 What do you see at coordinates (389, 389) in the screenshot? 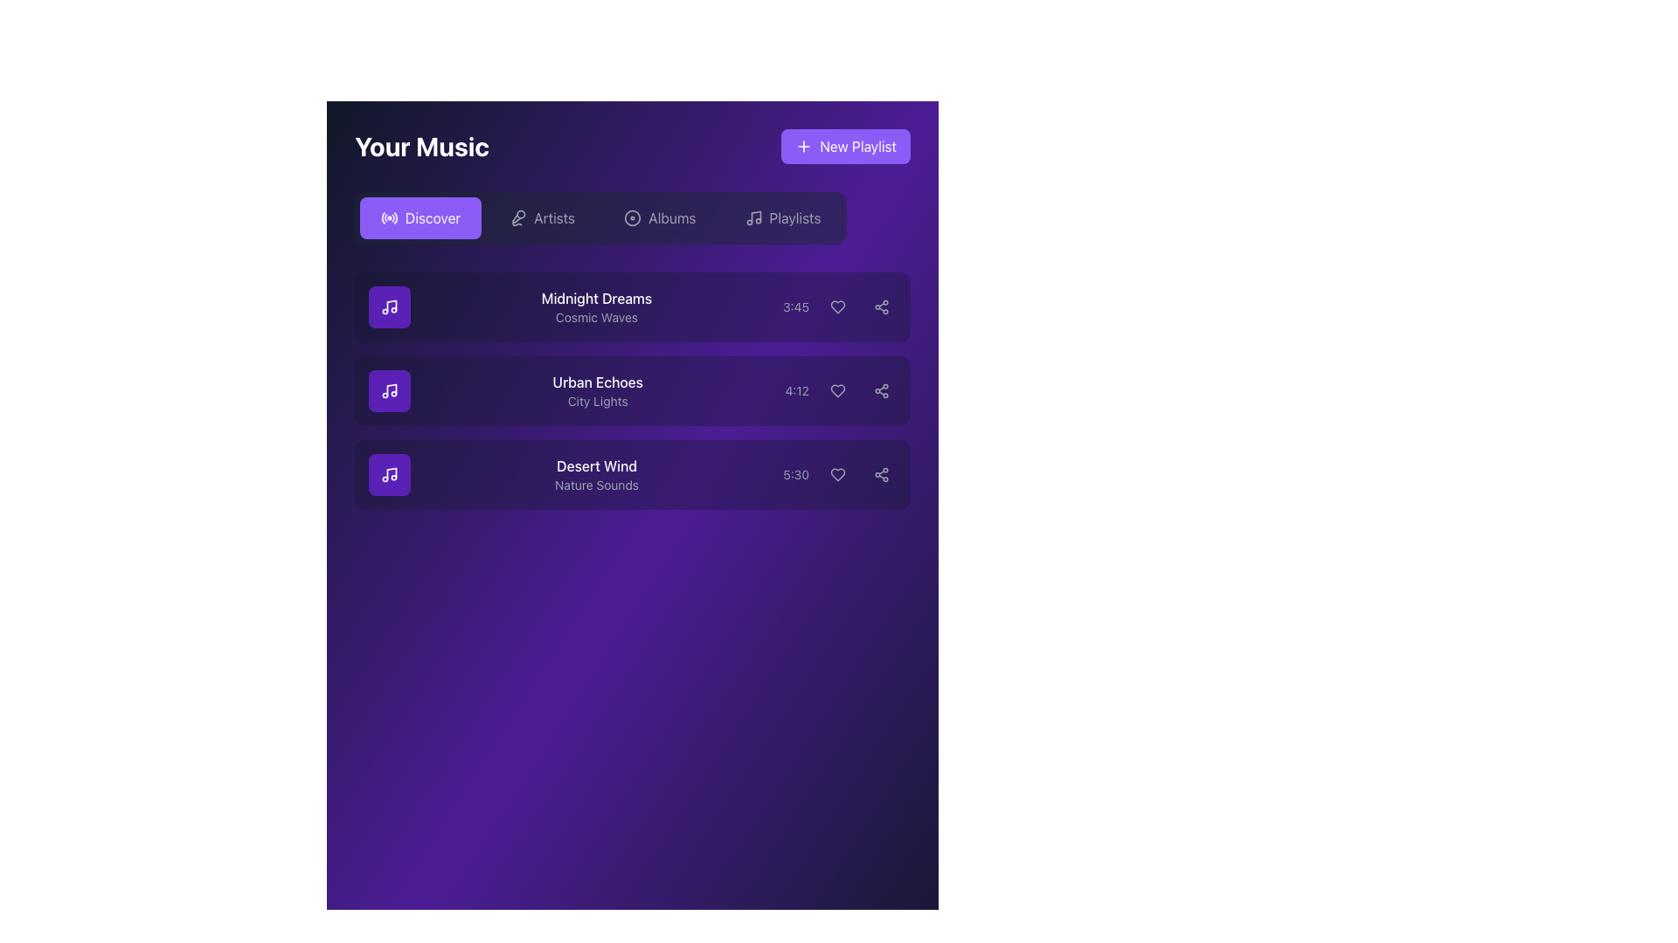
I see `the small white music note icon located within a purple circular background on the second music card, which is directly to the left of the text 'Urban Echoes'` at bounding box center [389, 389].